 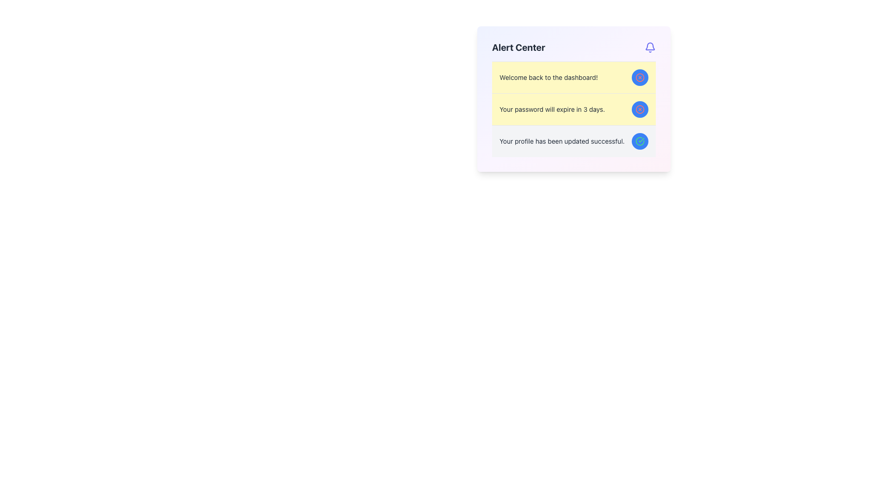 I want to click on the bold text label 'Alert Center' which is styled with a larger font size and dark gray color, positioned at the top of the section, so click(x=518, y=48).